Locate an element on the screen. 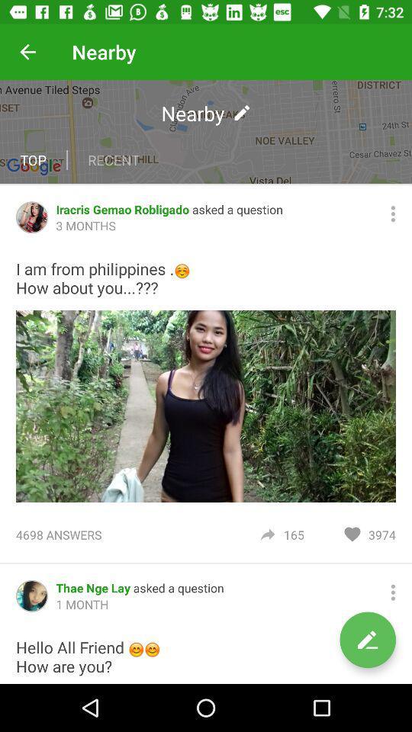  the recent icon is located at coordinates (113, 160).